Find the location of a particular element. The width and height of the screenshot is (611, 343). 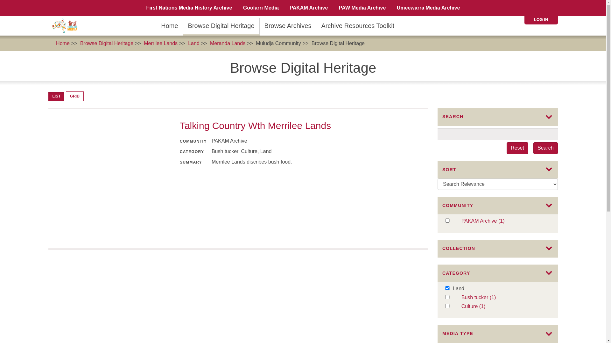

'LOG IN' is located at coordinates (534, 19).